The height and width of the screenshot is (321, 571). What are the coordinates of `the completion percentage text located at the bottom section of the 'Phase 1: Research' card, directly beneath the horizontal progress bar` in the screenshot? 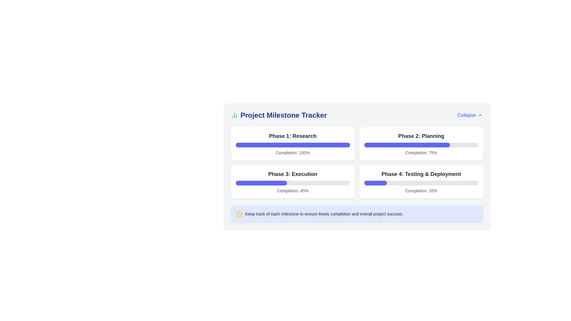 It's located at (293, 152).